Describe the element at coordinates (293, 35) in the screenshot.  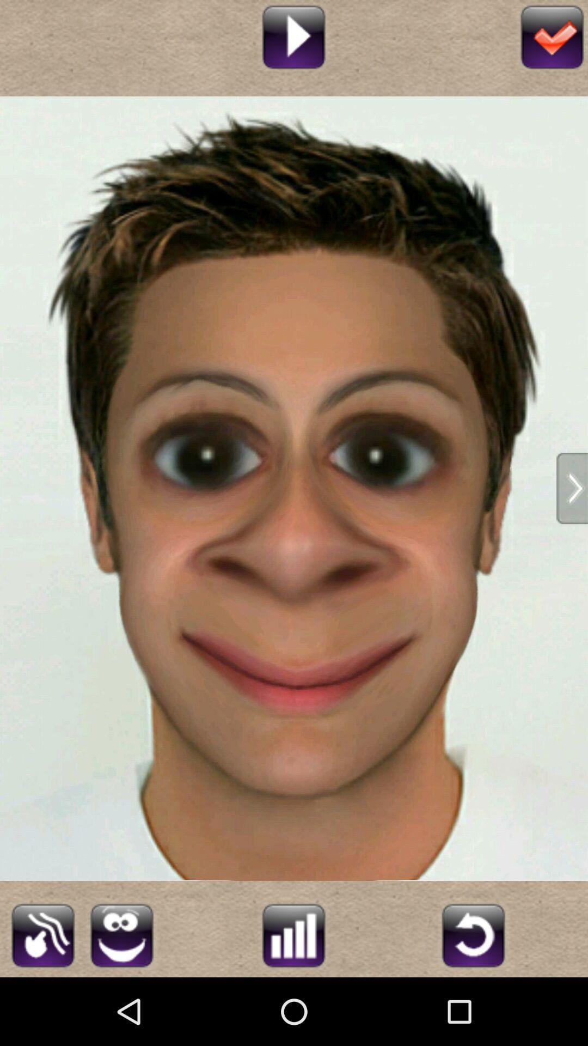
I see `play` at that location.